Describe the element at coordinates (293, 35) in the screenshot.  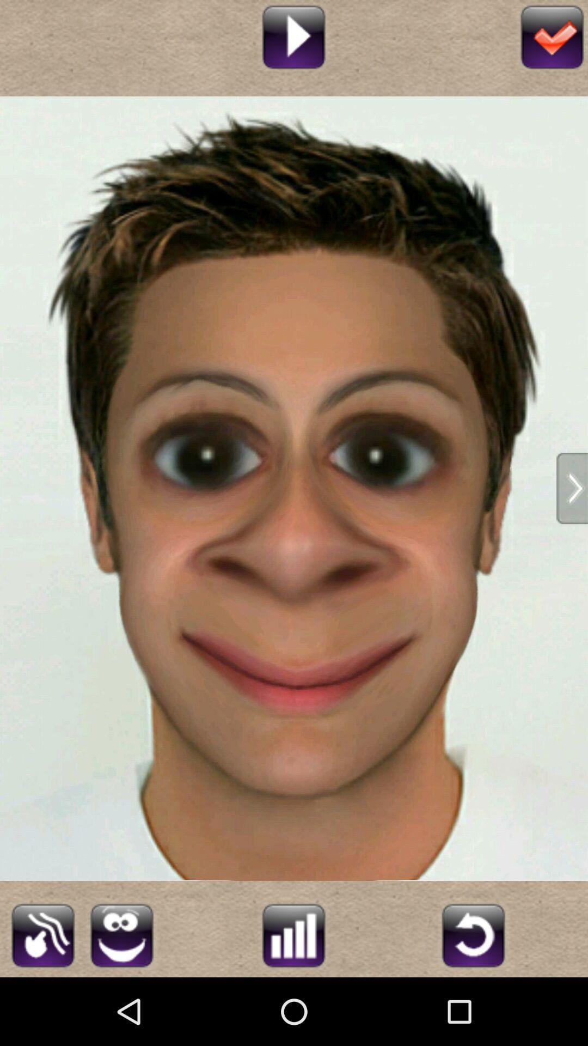
I see `play` at that location.